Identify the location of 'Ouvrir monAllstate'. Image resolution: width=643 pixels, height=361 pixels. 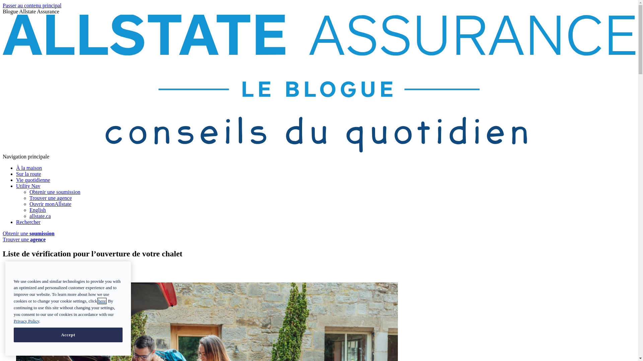
(50, 204).